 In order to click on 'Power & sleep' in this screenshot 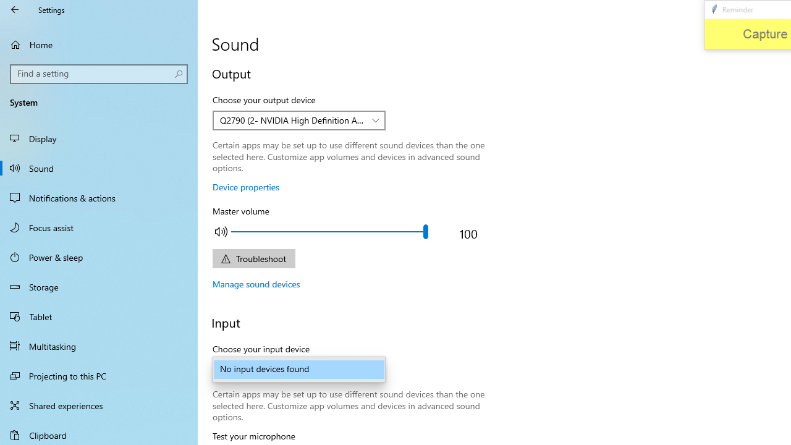, I will do `click(99, 256)`.